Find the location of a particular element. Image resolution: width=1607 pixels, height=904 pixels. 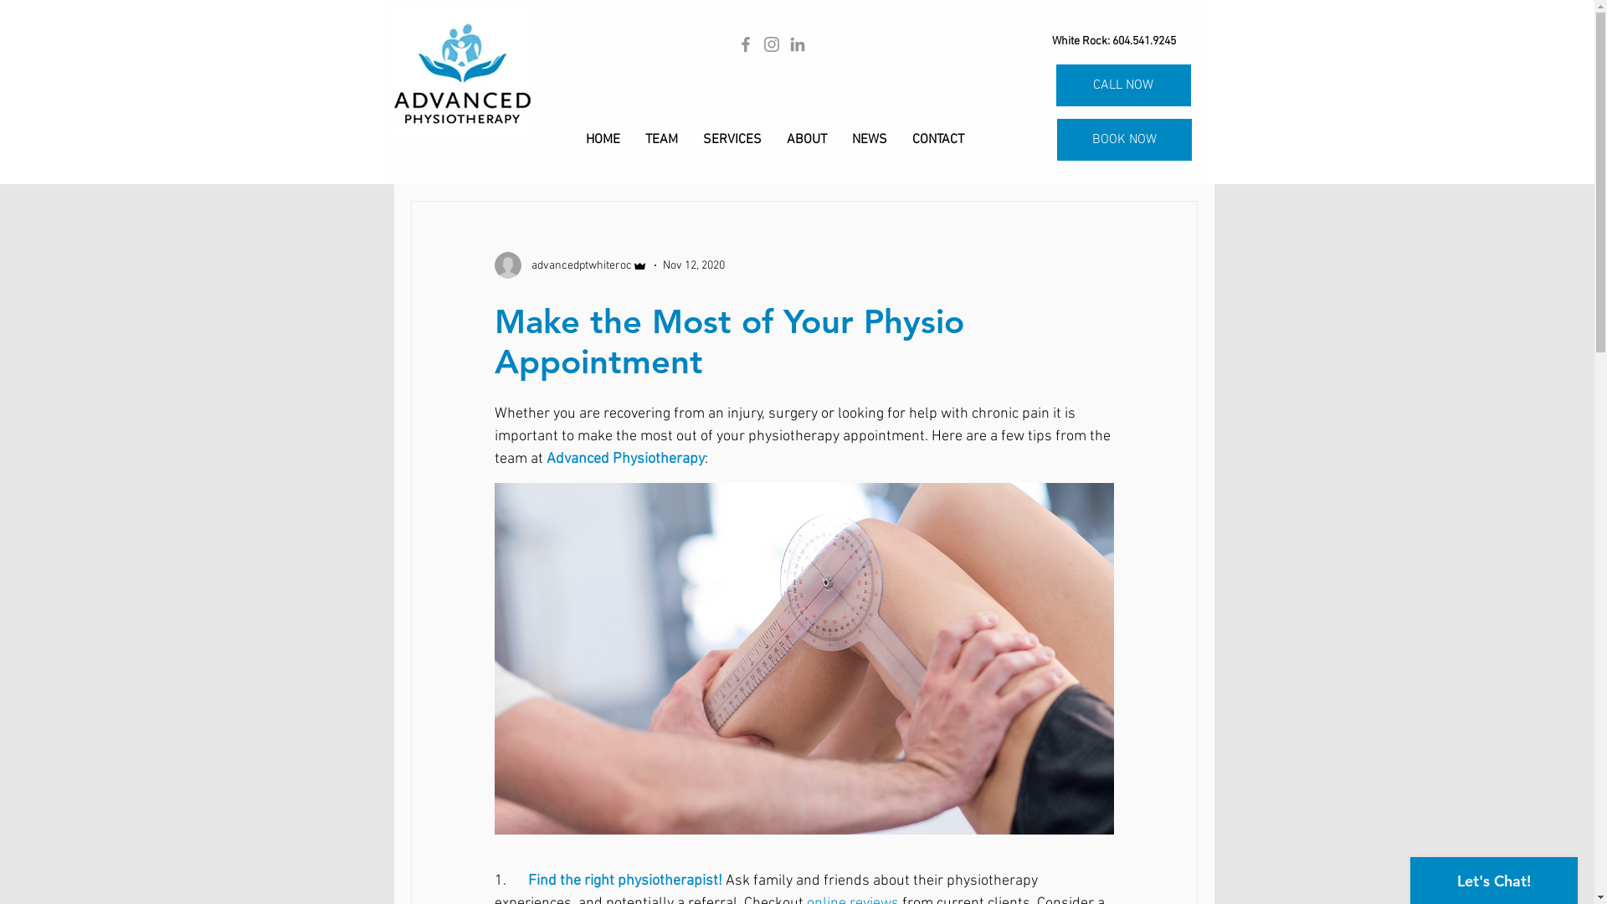

'SERVICES' is located at coordinates (731, 138).